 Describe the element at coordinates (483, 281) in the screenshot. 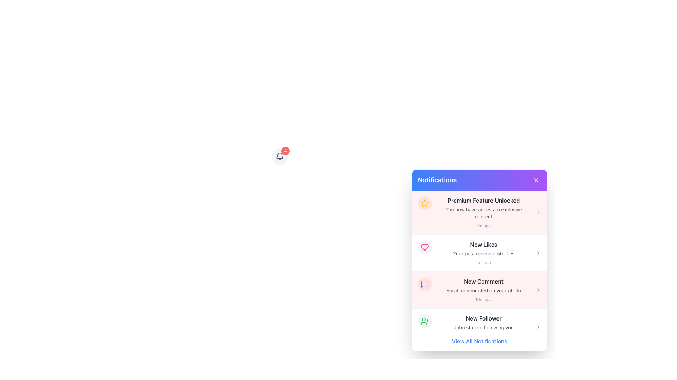

I see `the 'New Comment' text label, which is bold and dark gray, located in the notification panel on the right side of the interface` at that location.